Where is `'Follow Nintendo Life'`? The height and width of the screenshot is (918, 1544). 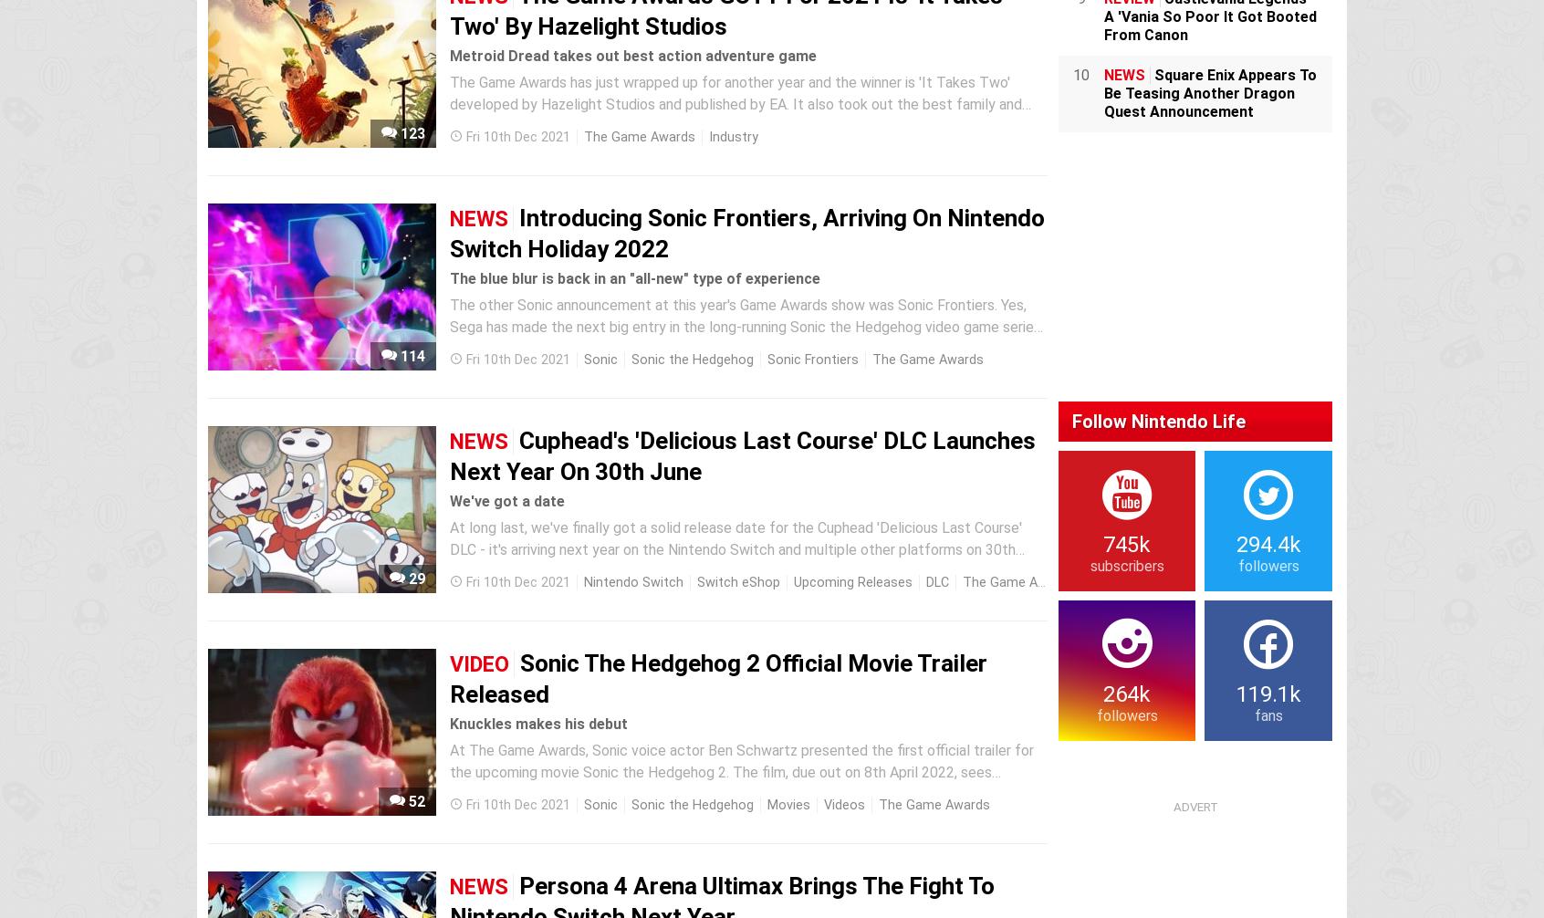
'Follow Nintendo Life' is located at coordinates (1158, 420).